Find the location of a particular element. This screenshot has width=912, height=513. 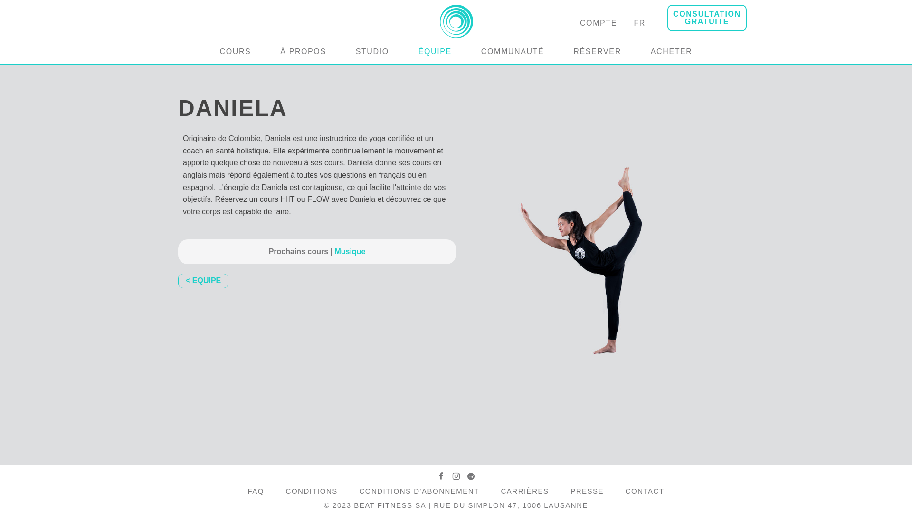

'PRESSE' is located at coordinates (587, 491).